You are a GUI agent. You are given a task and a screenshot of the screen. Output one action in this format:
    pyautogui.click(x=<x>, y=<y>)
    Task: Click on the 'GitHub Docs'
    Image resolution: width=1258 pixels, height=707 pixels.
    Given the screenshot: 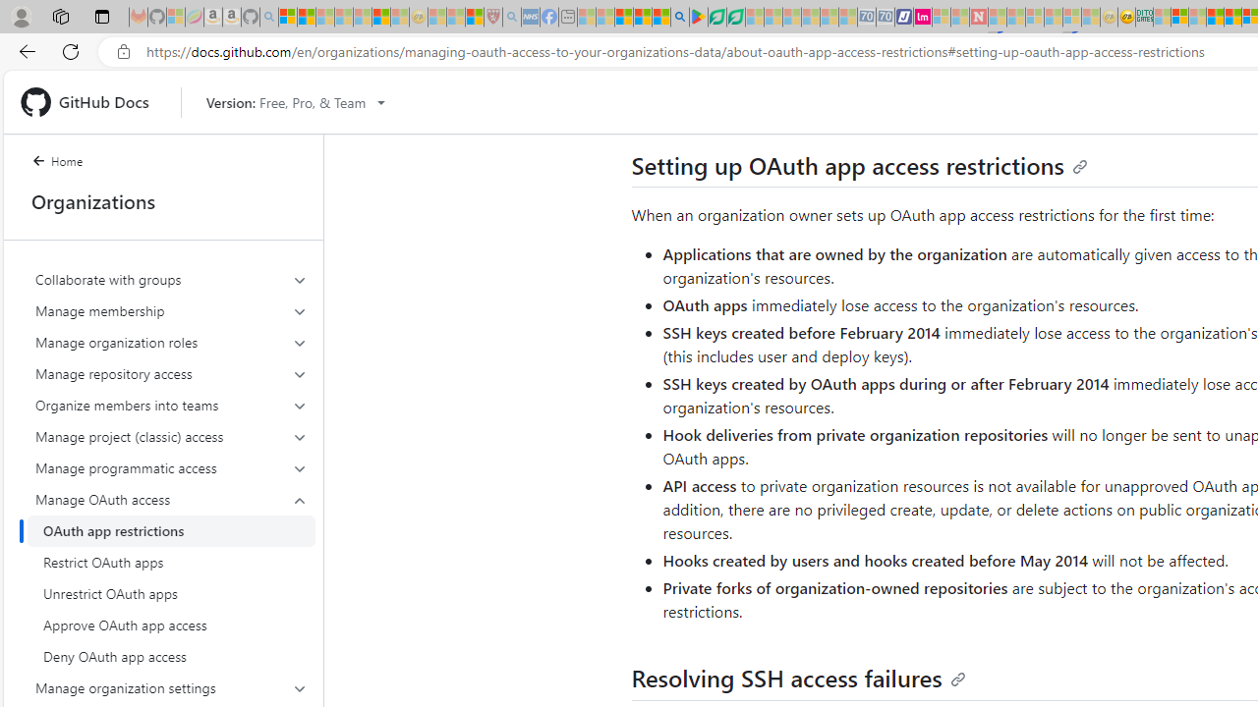 What is the action you would take?
    pyautogui.click(x=91, y=102)
    